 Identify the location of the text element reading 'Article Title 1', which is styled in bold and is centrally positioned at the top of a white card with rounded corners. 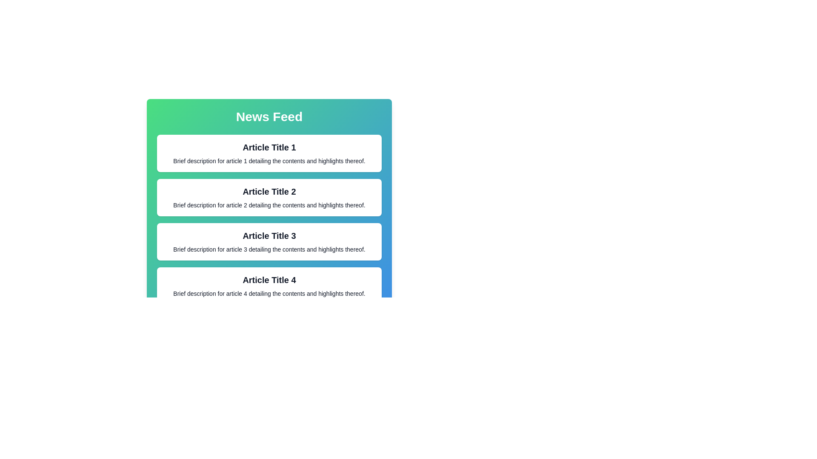
(269, 147).